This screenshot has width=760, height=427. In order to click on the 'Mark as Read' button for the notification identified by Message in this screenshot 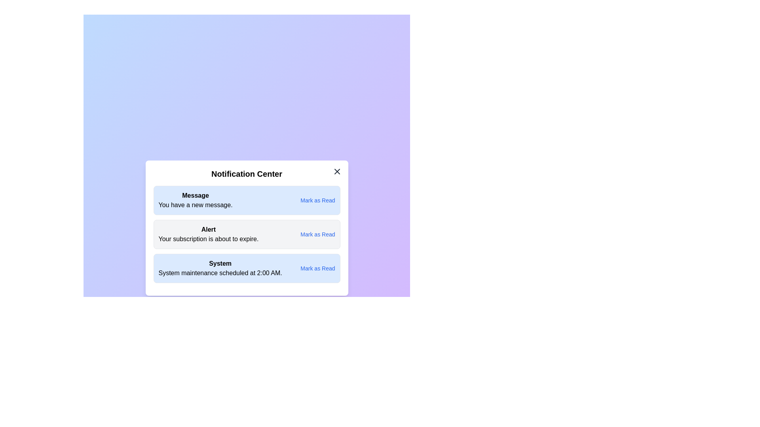, I will do `click(317, 200)`.